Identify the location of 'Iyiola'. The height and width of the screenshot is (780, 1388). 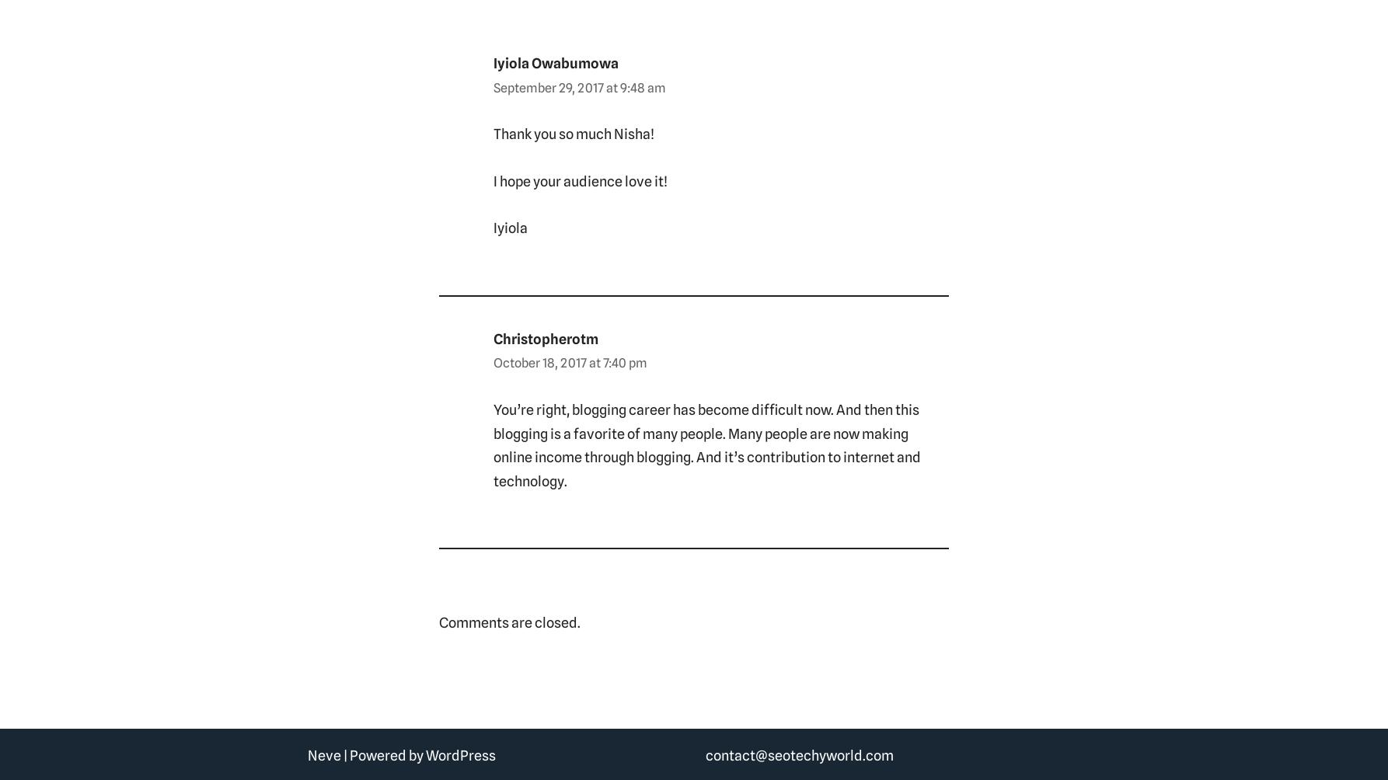
(509, 228).